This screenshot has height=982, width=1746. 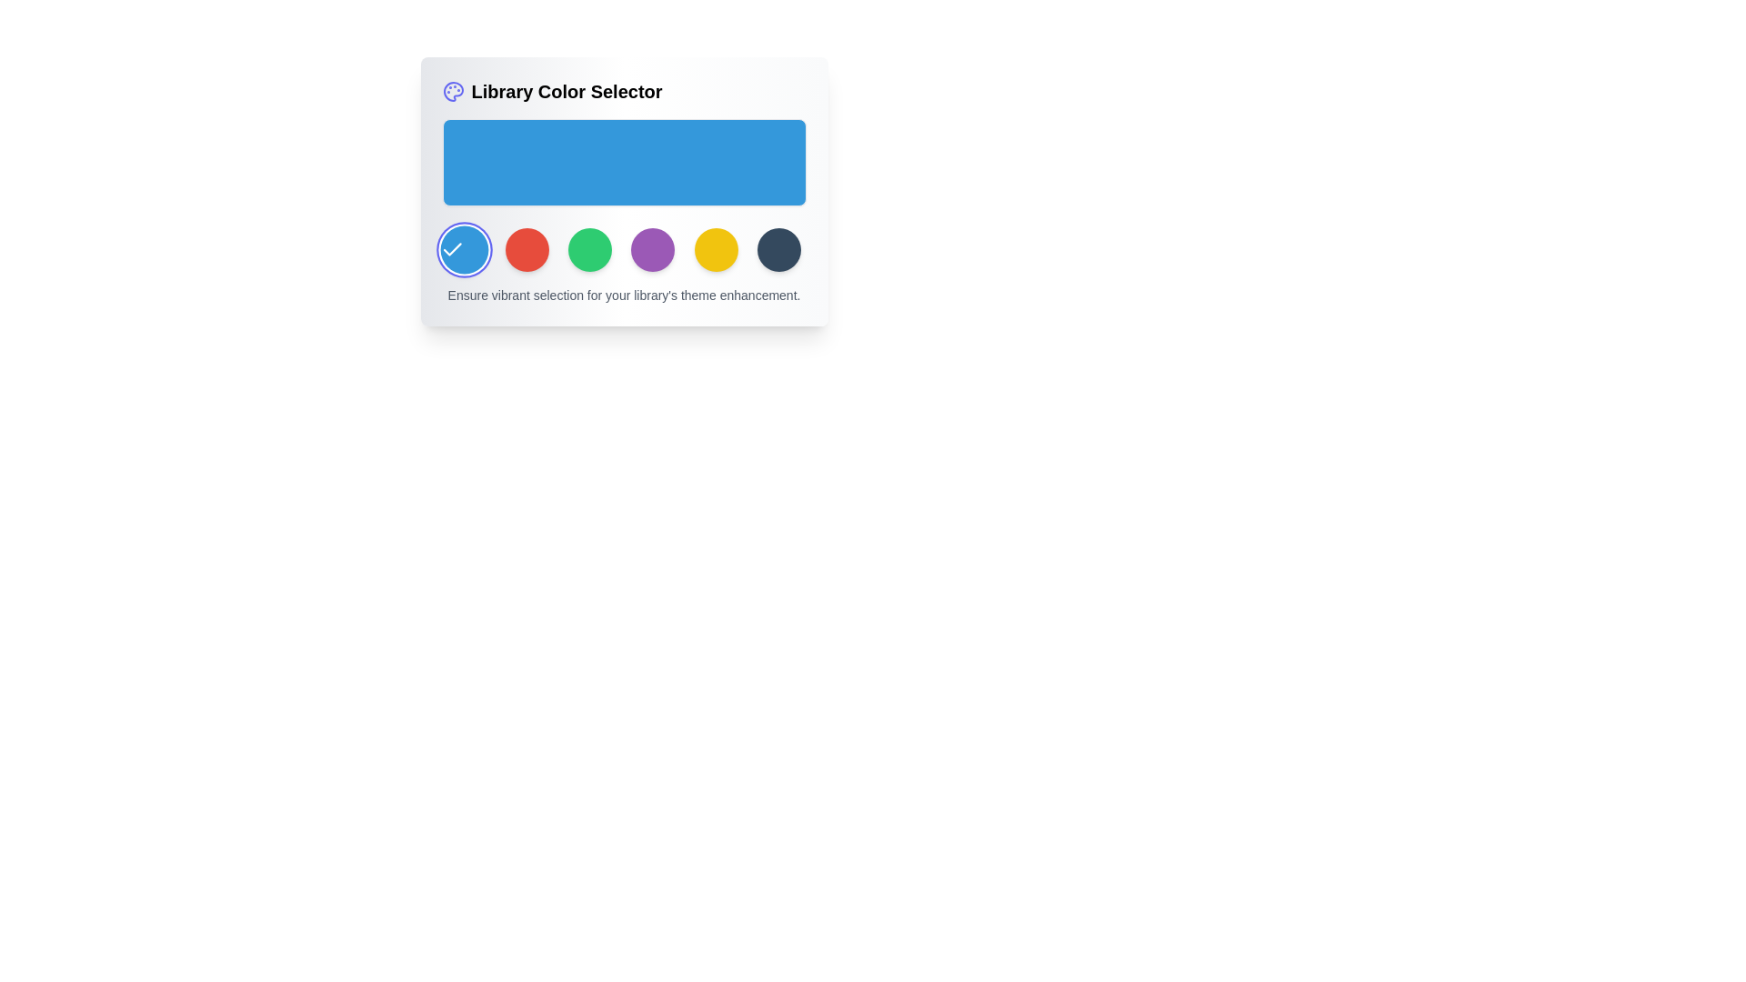 I want to click on the checkmark icon within the circular button, which is the first in a row of circular color options located near the bottom-center of the card-like interface, so click(x=452, y=249).